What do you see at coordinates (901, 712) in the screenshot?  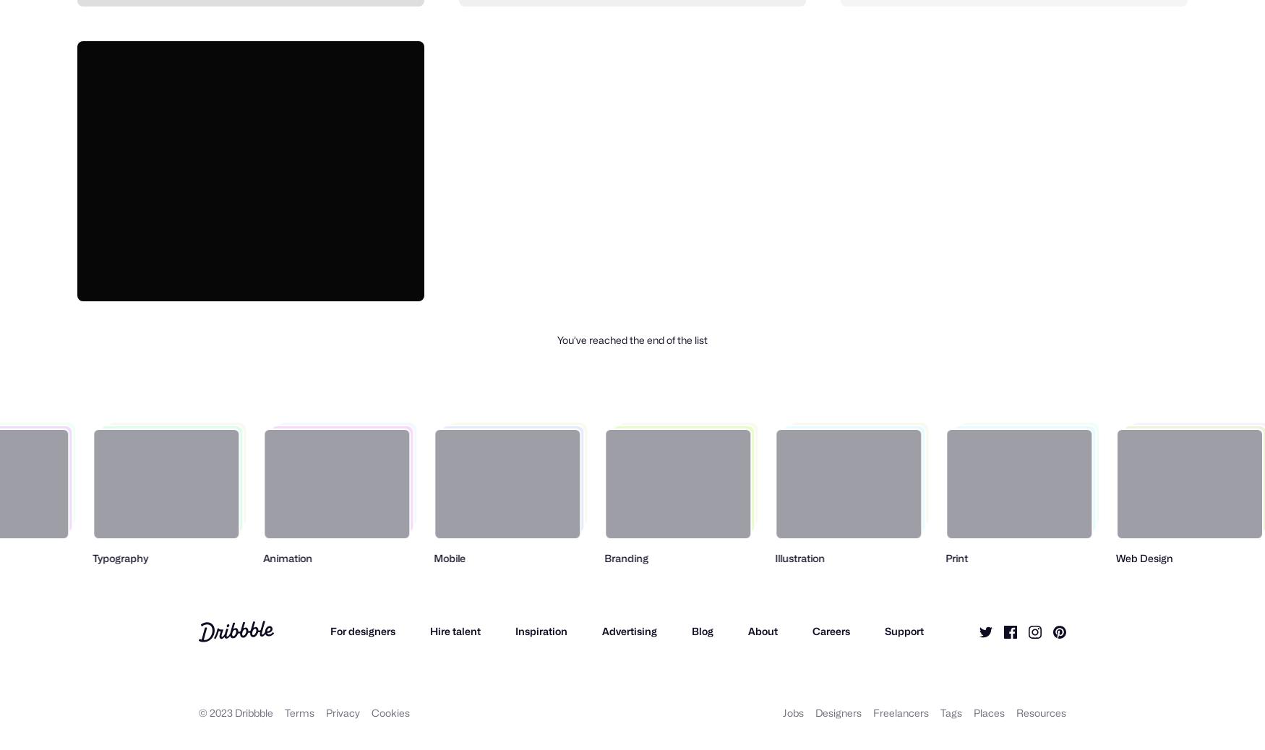 I see `'Freelancers'` at bounding box center [901, 712].